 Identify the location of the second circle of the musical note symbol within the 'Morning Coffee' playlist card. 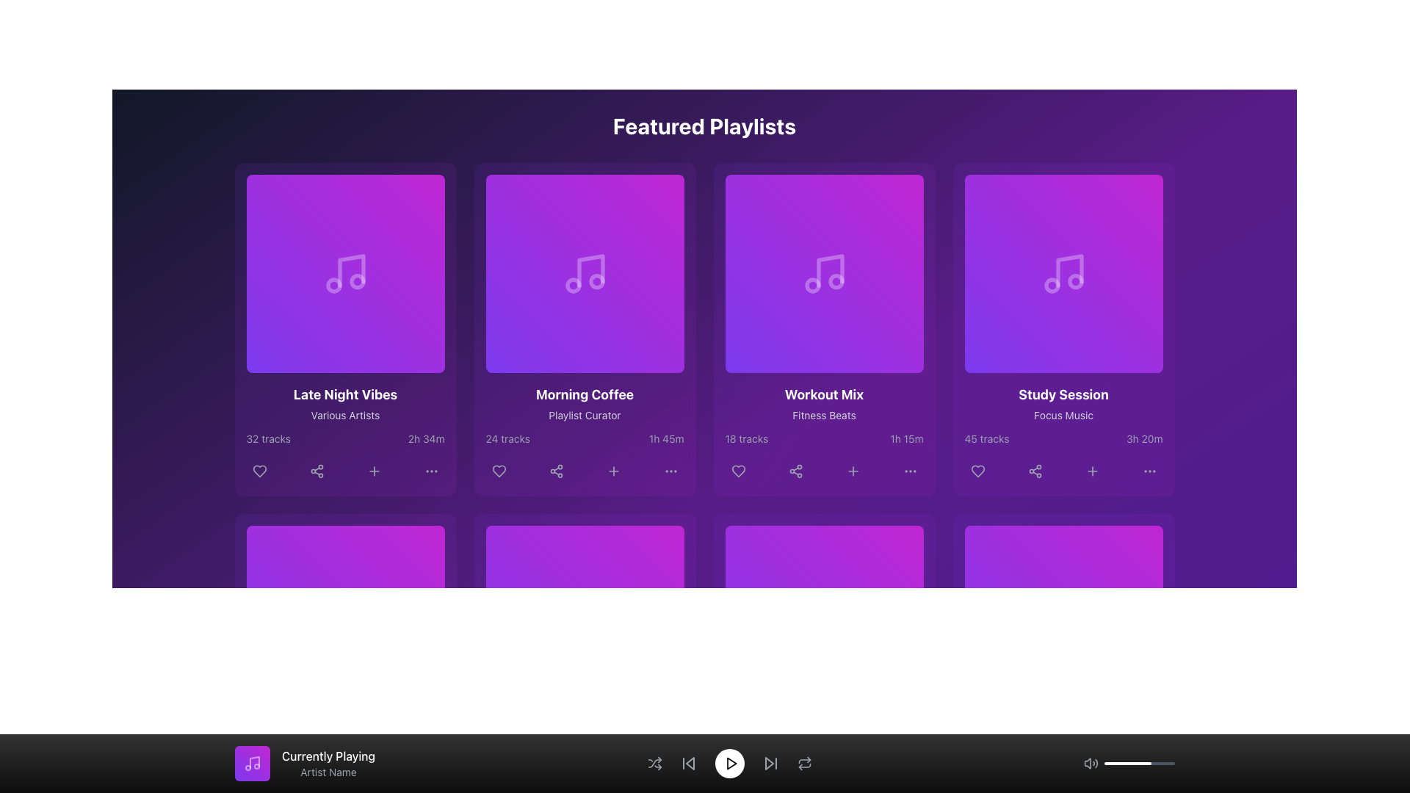
(572, 286).